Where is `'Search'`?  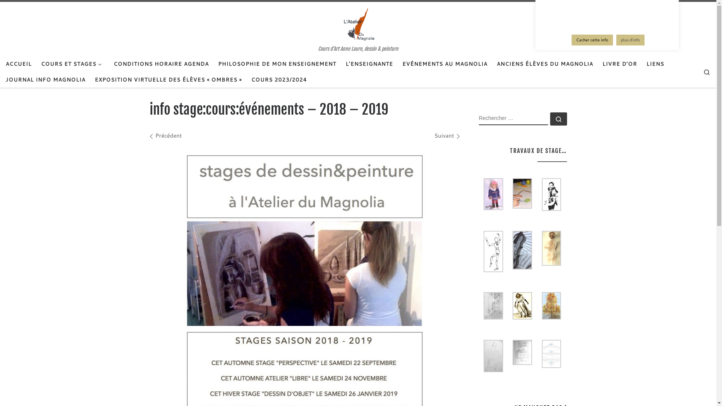 'Search' is located at coordinates (706, 71).